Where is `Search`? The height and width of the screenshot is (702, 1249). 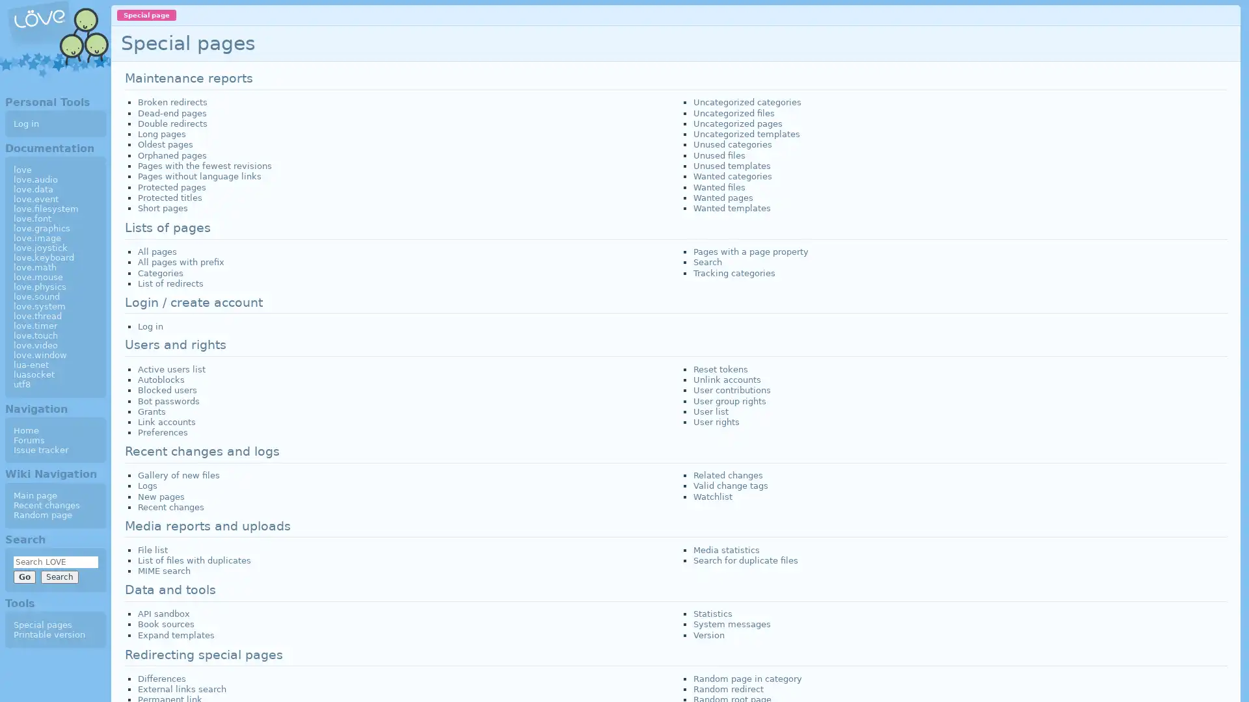 Search is located at coordinates (59, 576).